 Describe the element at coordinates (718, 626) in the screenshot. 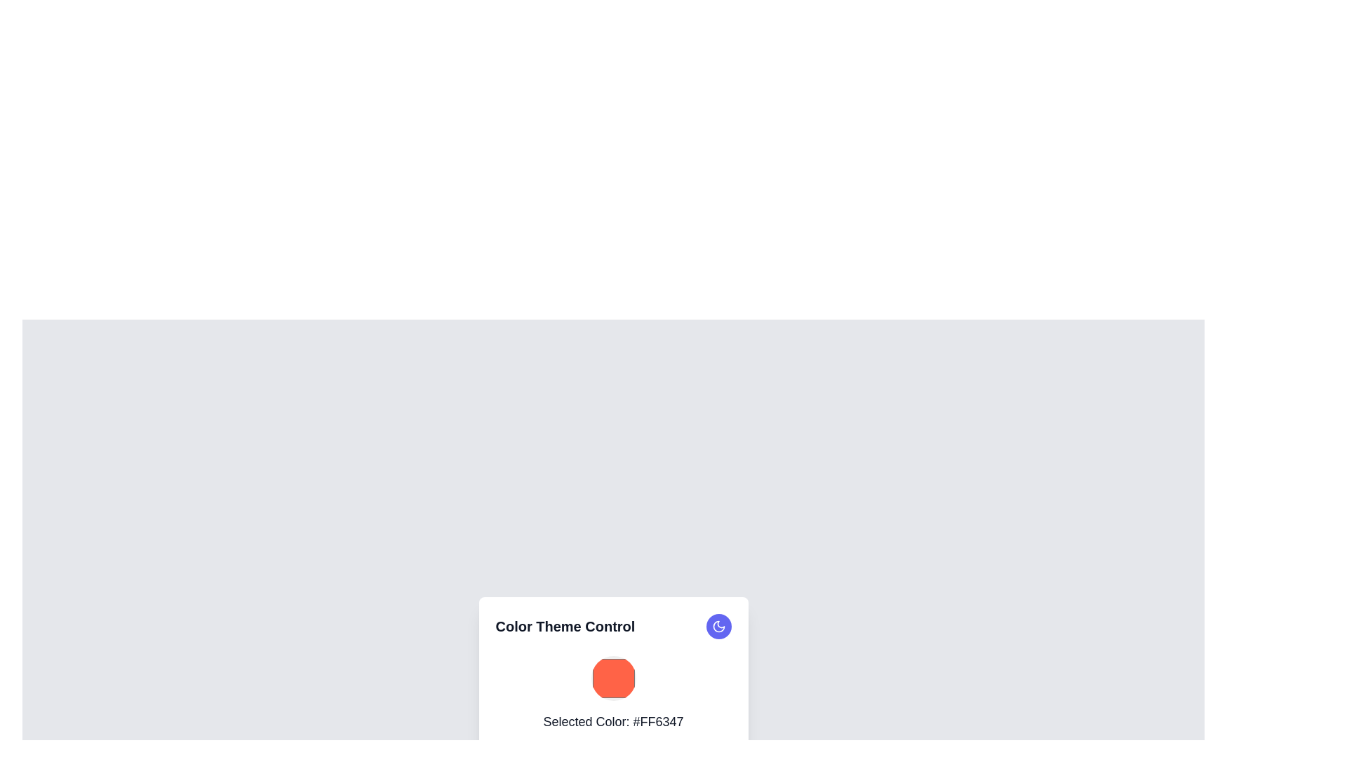

I see `the theme toggle icon located in the top-right corner of the 'Color Theme Control' card` at that location.